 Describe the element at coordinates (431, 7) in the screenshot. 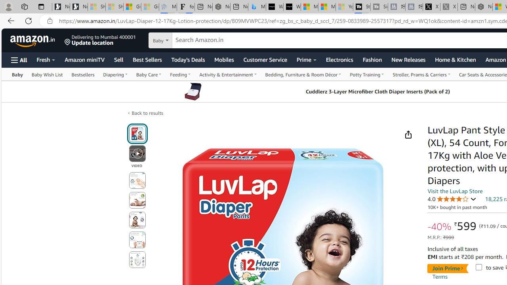

I see `'X'` at that location.